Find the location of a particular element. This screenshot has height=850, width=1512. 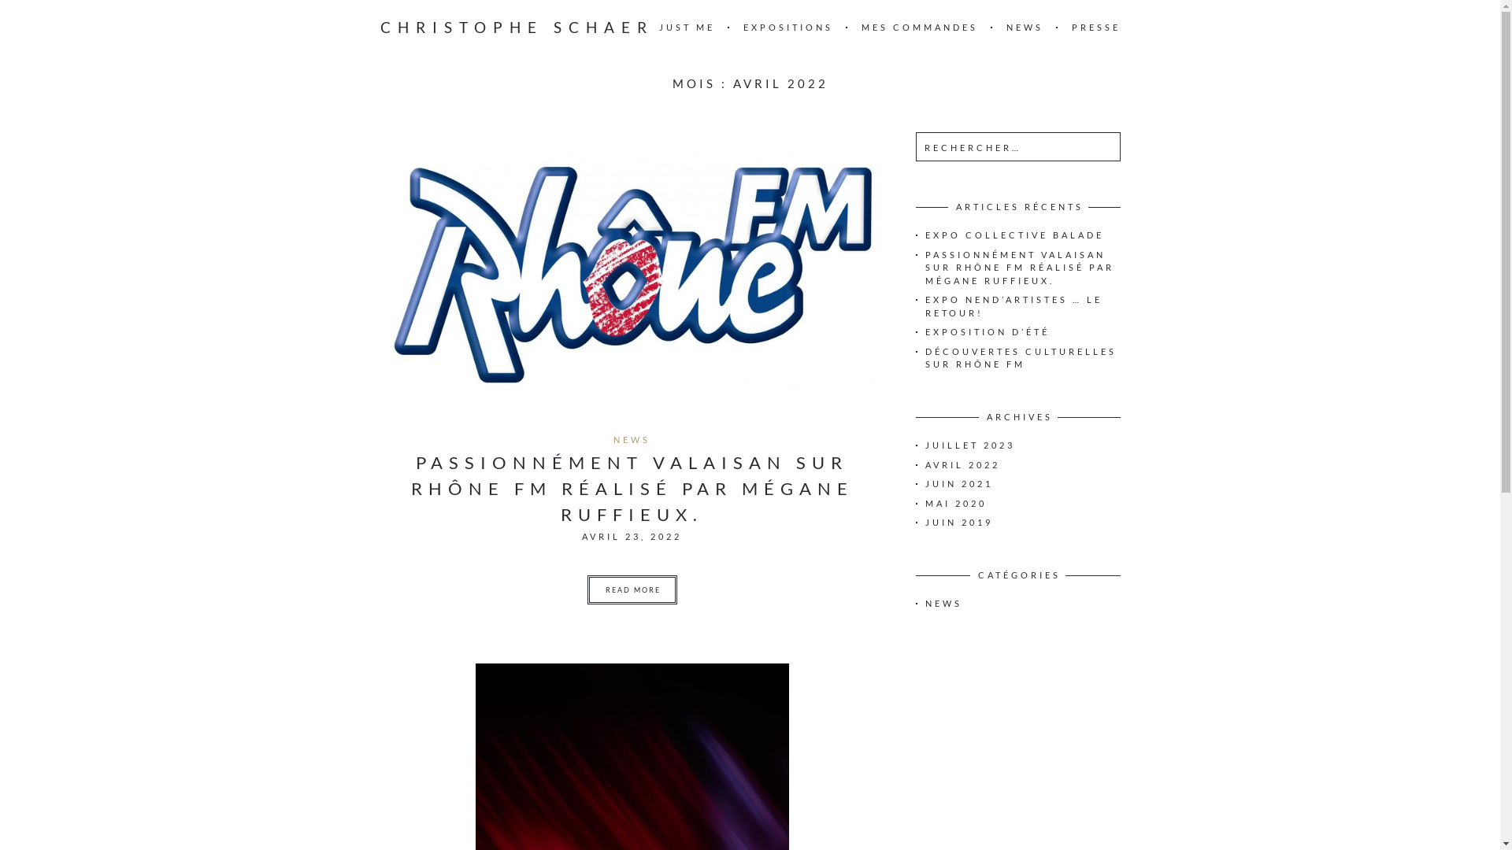

'JUIN 2021' is located at coordinates (925, 482).